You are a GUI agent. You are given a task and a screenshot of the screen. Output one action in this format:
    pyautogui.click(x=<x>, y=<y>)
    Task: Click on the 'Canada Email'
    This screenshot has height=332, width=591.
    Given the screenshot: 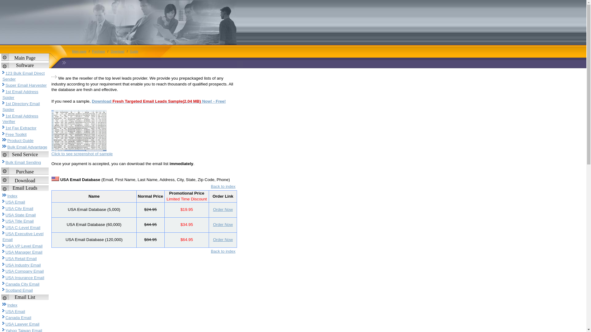 What is the action you would take?
    pyautogui.click(x=18, y=318)
    